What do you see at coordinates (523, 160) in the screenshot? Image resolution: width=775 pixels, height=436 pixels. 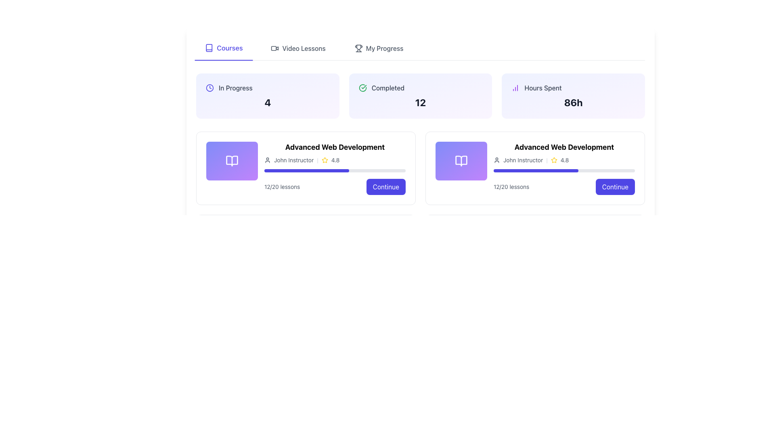 I see `displayed information from the Text Label containing 'John Instructor', which is positioned between the user icon and a separator in the layout` at bounding box center [523, 160].